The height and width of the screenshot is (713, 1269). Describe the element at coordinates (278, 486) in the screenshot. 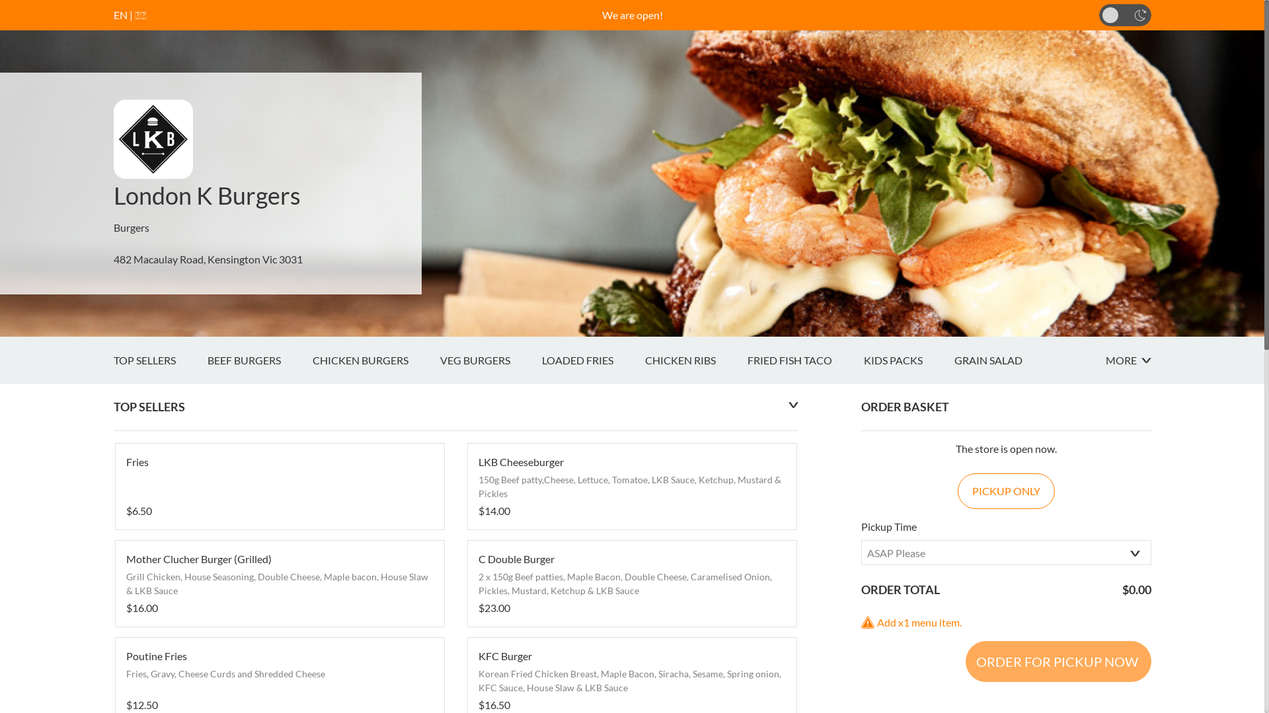

I see `'Fries` at that location.